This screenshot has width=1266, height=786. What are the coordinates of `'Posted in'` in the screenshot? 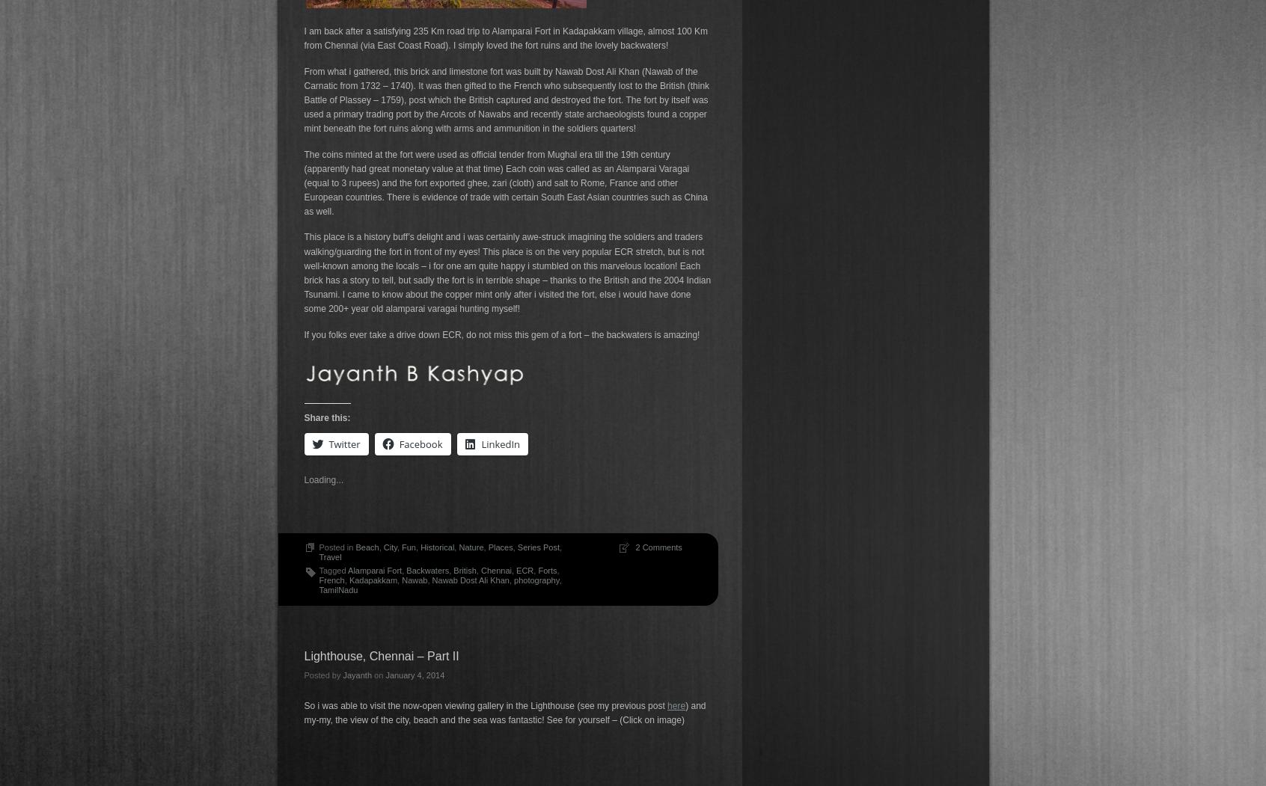 It's located at (335, 546).